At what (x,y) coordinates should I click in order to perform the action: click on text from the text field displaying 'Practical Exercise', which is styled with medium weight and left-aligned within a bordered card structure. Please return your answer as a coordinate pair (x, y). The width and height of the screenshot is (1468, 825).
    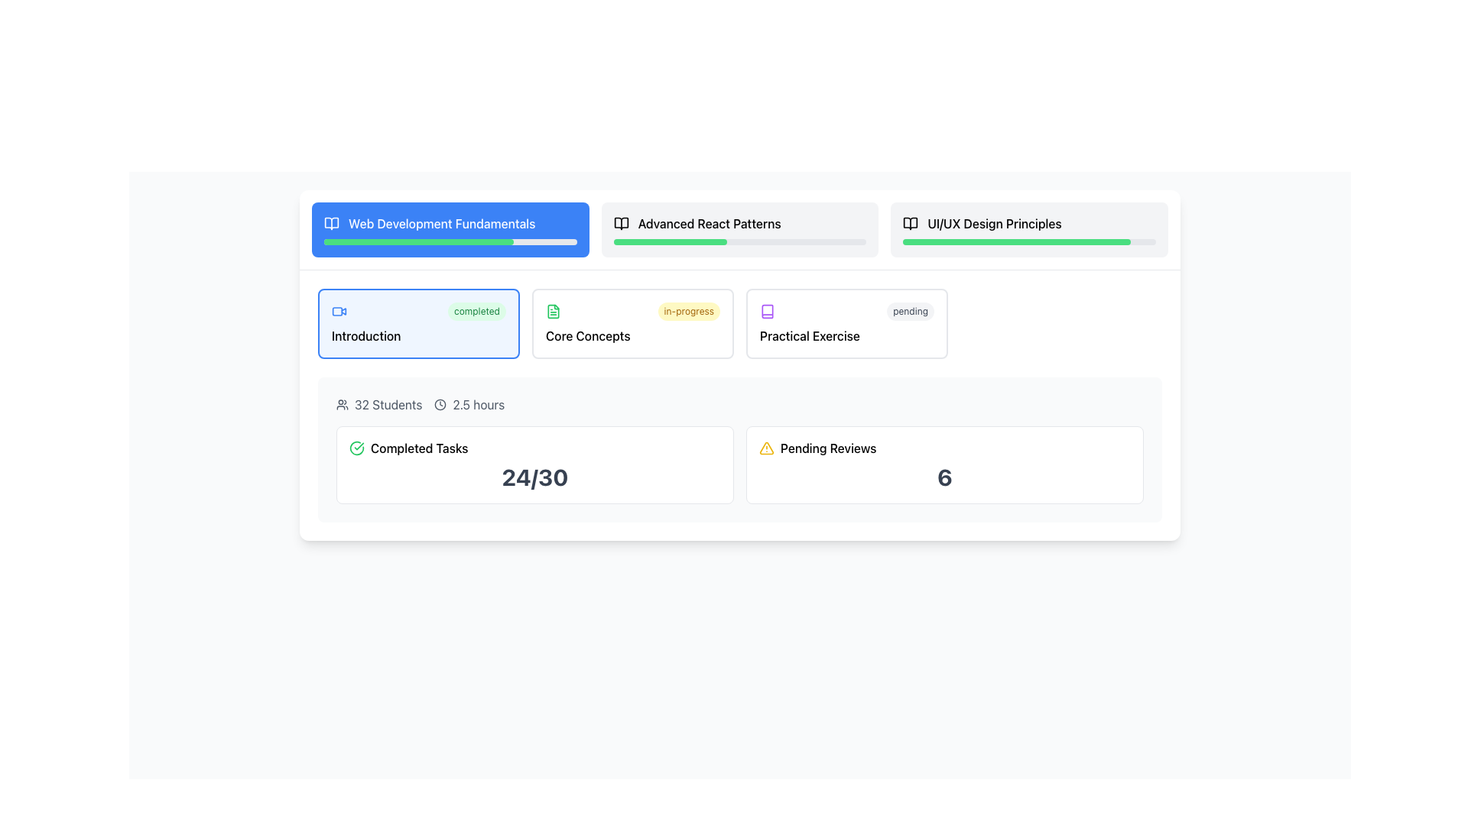
    Looking at the image, I should click on (846, 335).